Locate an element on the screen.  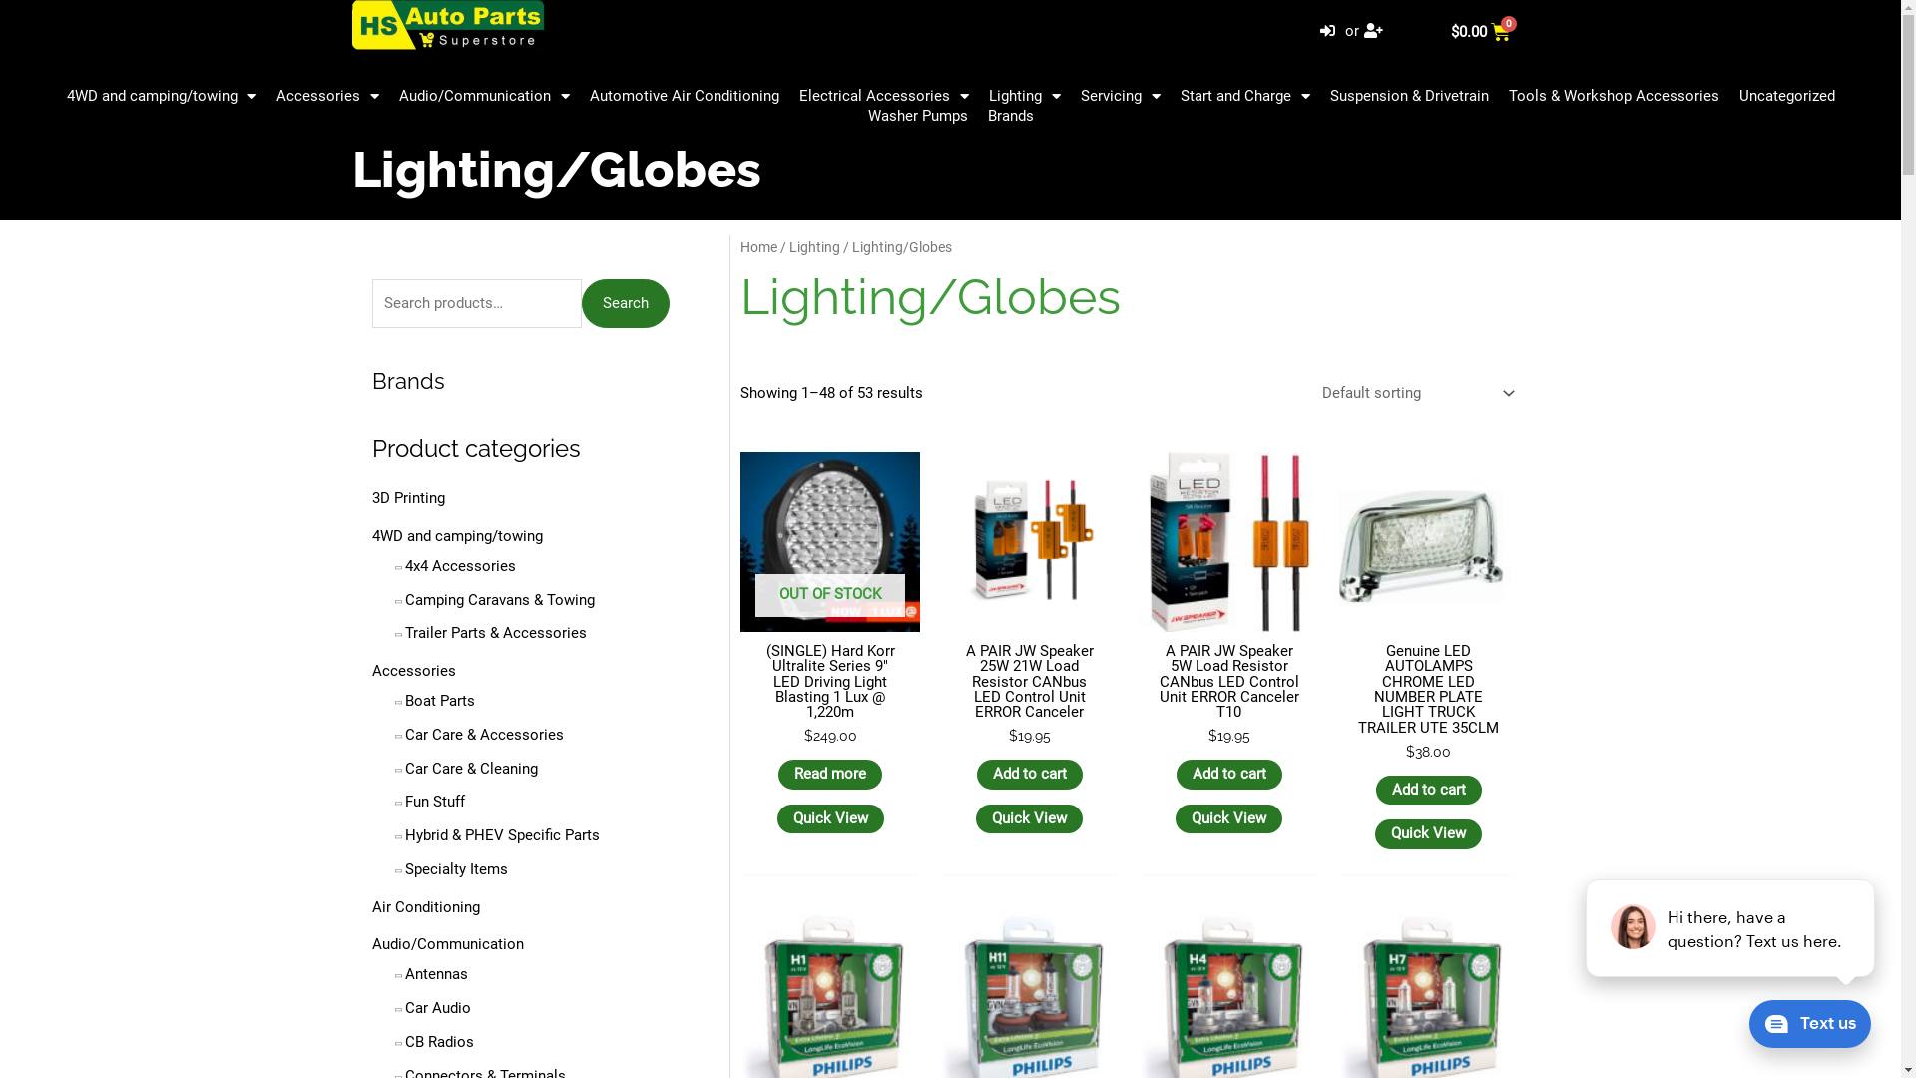
'$0.00 is located at coordinates (1481, 31).